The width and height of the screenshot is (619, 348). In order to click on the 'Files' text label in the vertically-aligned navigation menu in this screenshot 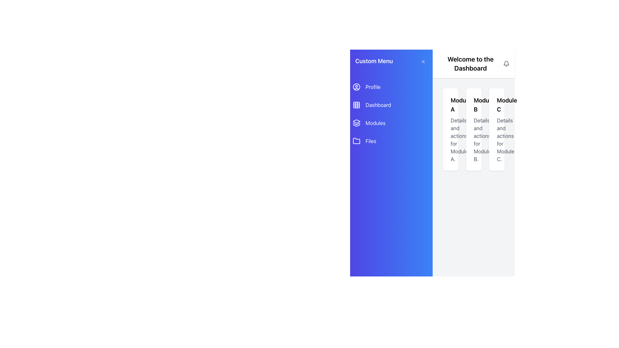, I will do `click(371, 141)`.